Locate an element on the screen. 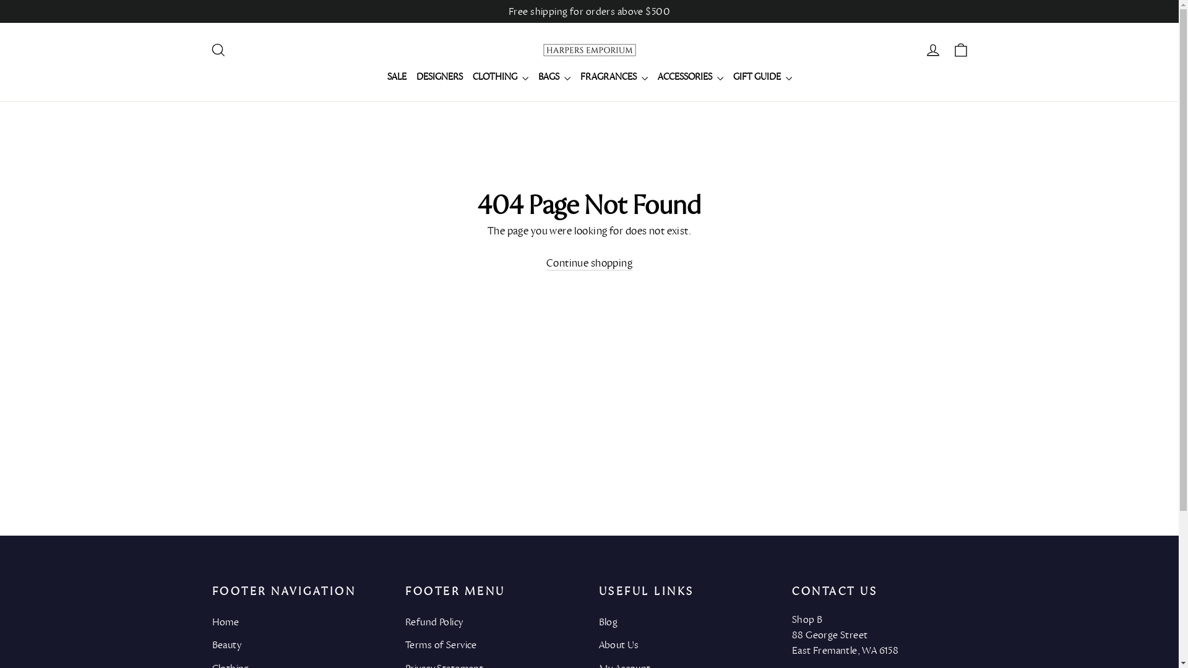  'Skip to content' is located at coordinates (0, 0).